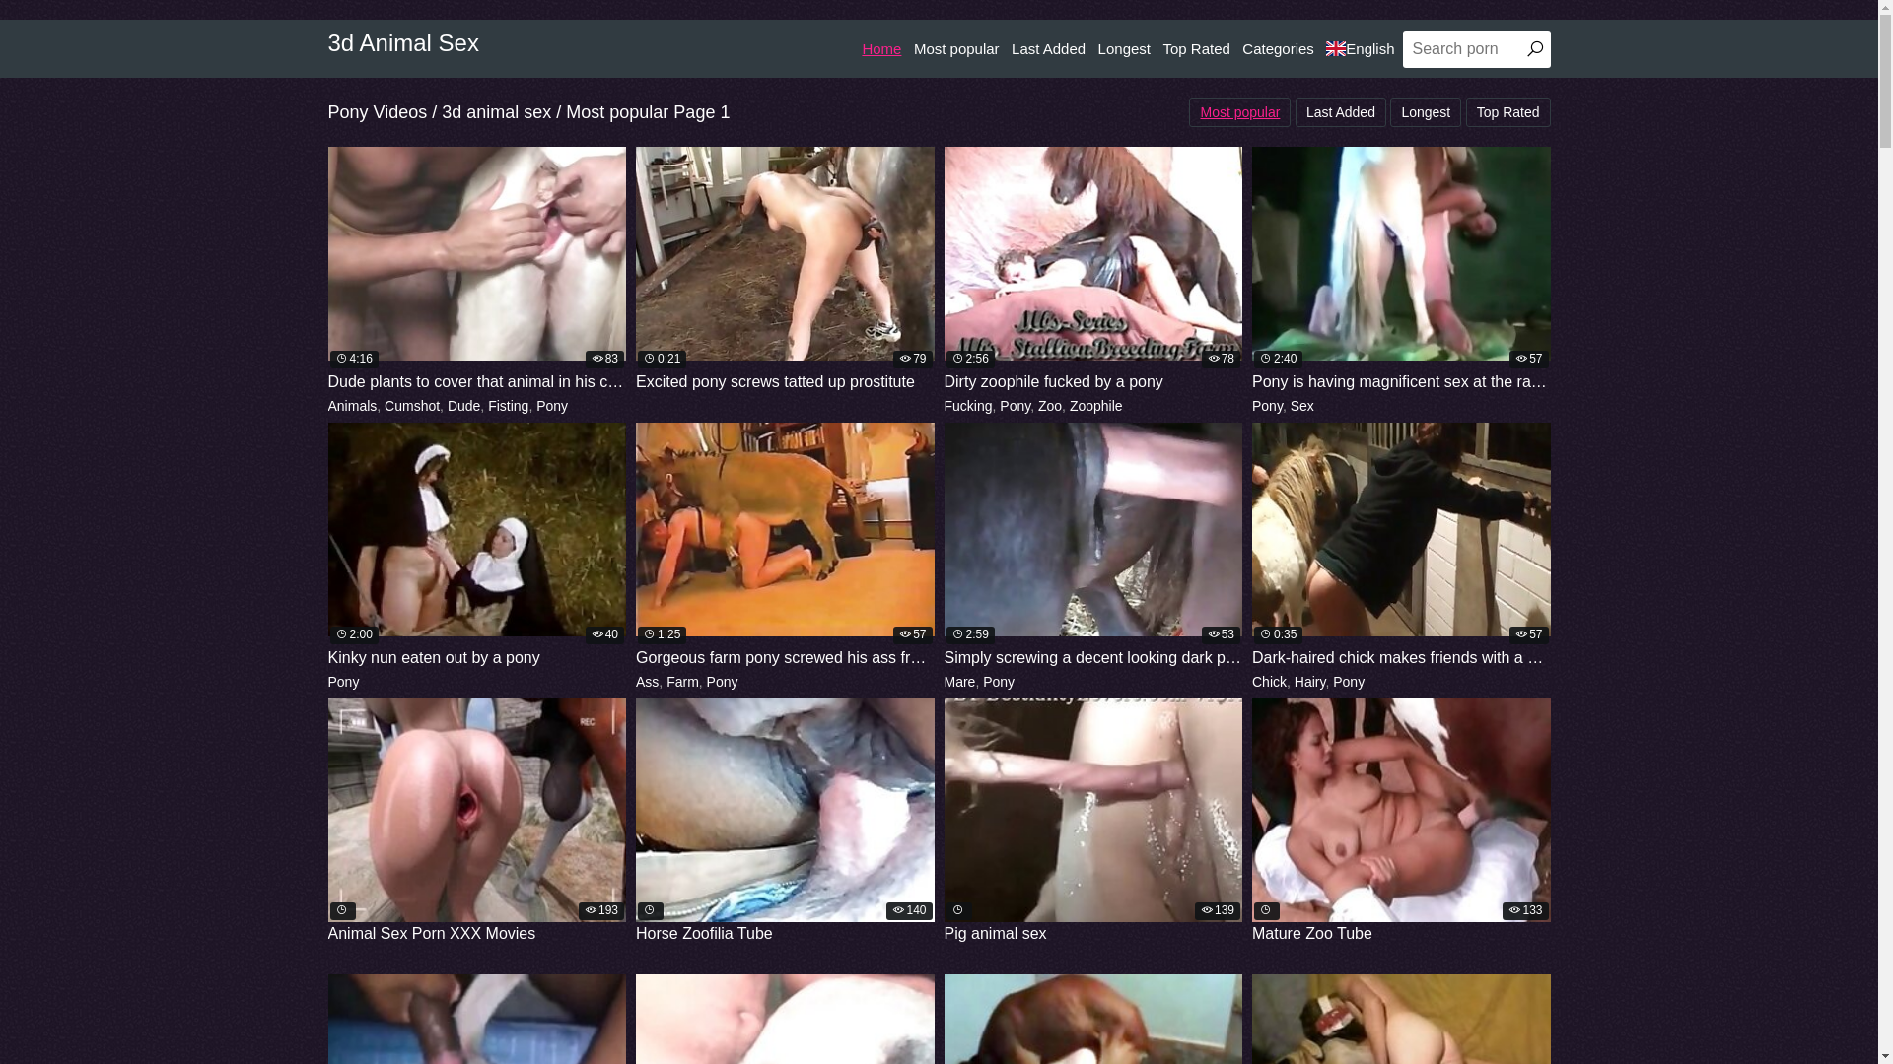 This screenshot has width=1893, height=1064. I want to click on '3d Animal Sex', so click(401, 42).